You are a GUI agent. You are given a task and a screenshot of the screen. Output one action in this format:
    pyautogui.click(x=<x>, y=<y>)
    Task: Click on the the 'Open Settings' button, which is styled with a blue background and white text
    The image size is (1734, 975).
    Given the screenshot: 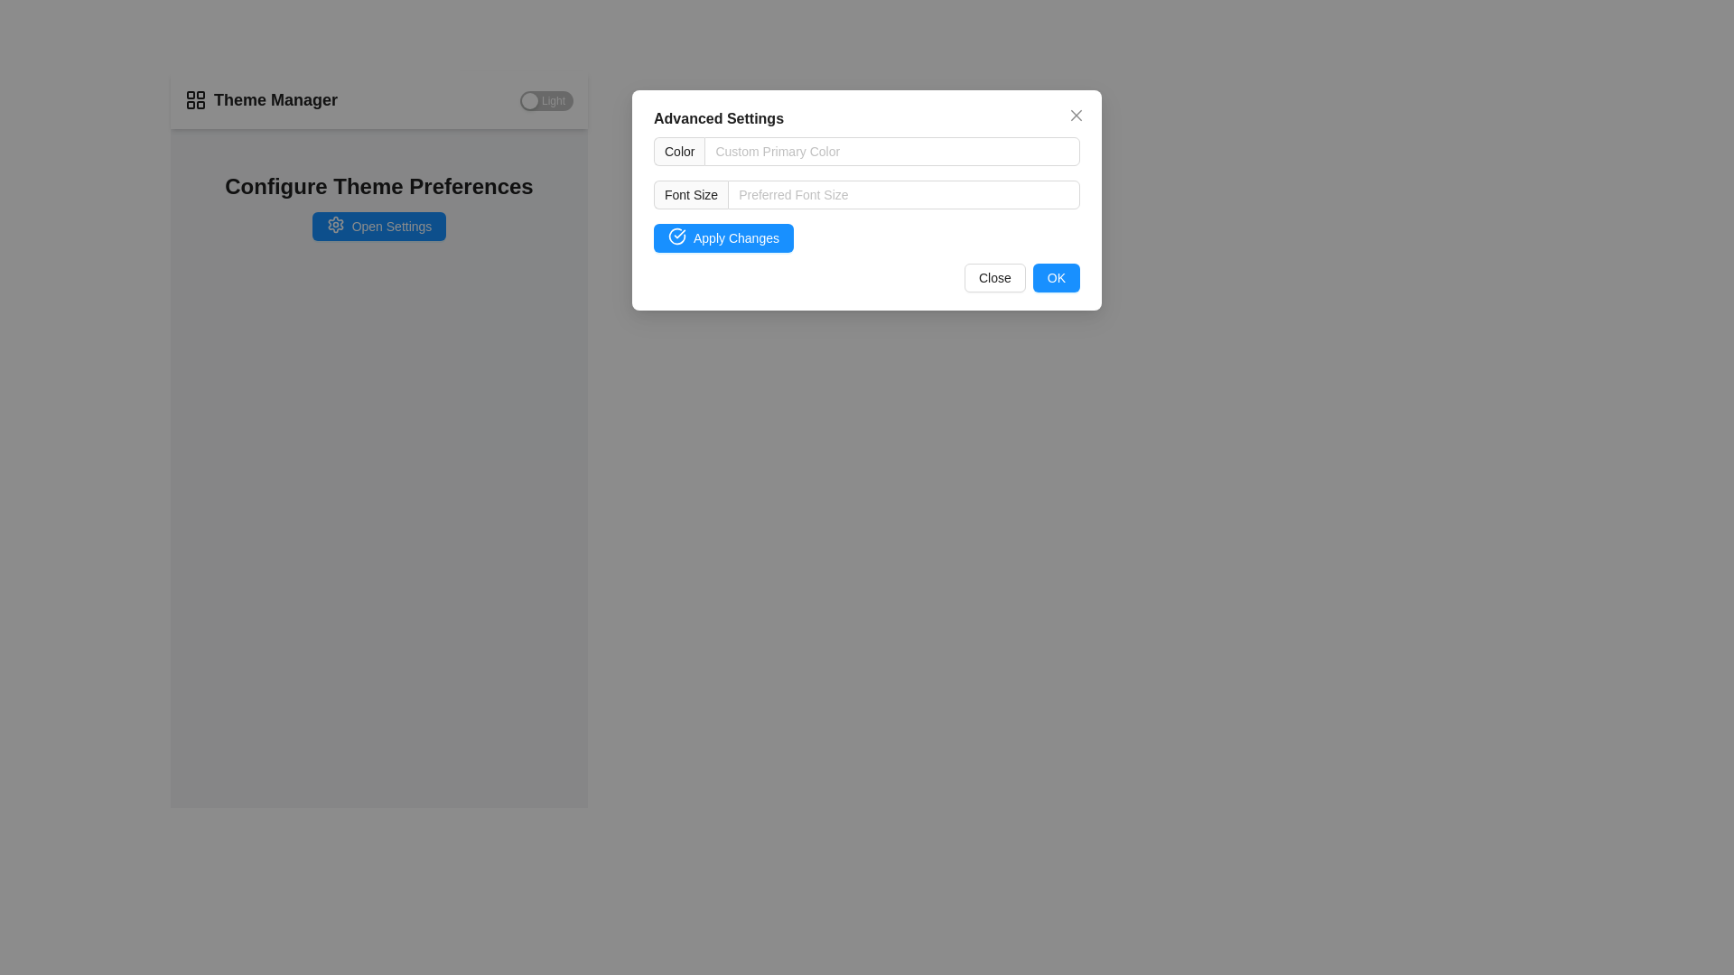 What is the action you would take?
    pyautogui.click(x=378, y=225)
    